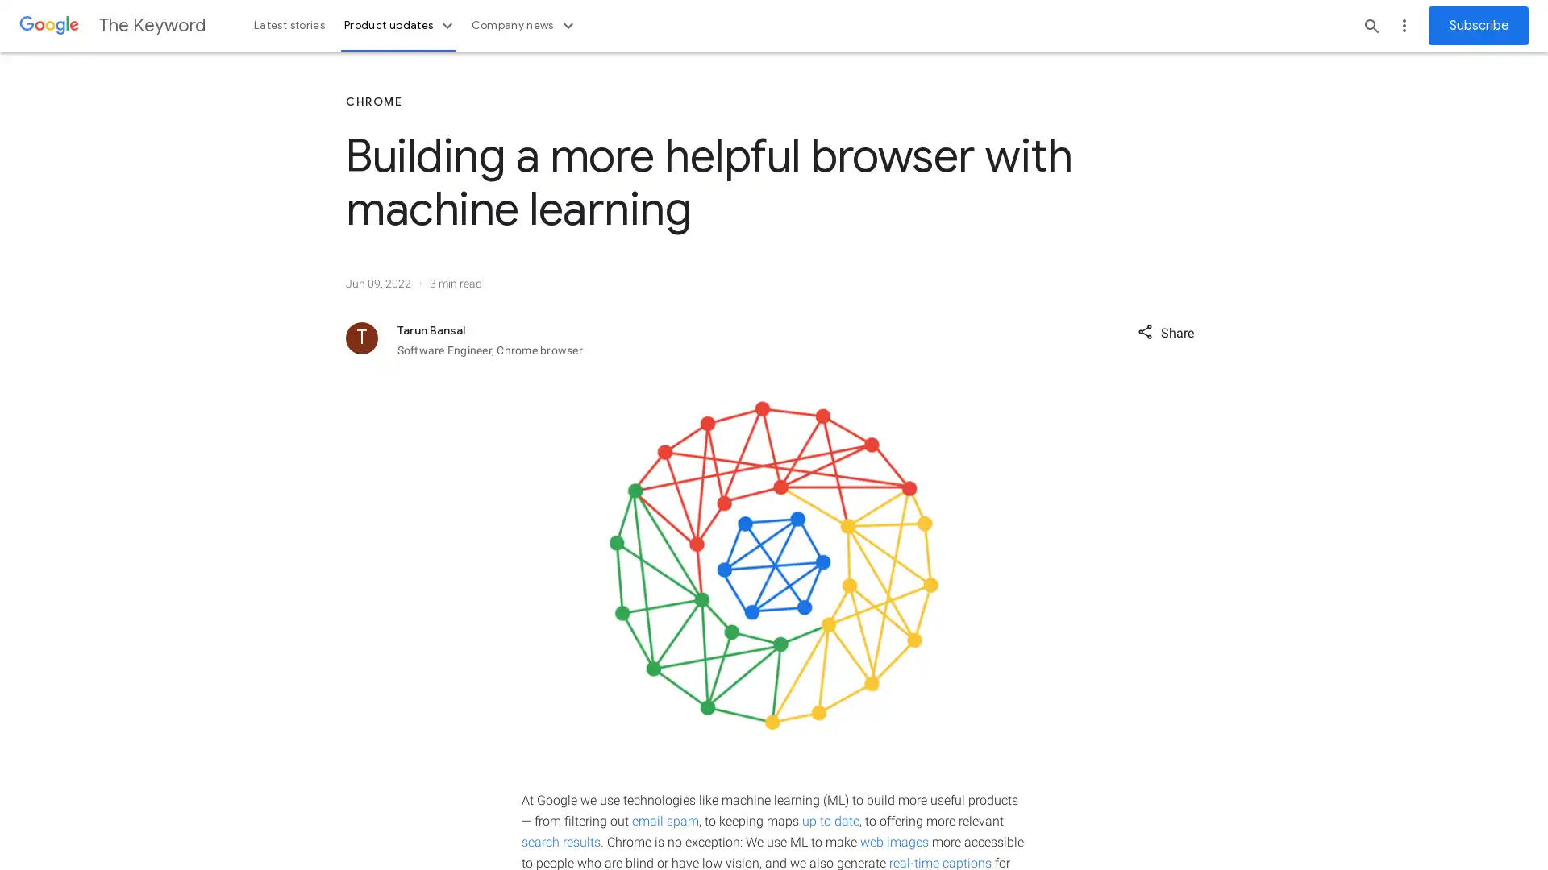  Describe the element at coordinates (1478, 25) in the screenshot. I see `Newsletter subscribe` at that location.